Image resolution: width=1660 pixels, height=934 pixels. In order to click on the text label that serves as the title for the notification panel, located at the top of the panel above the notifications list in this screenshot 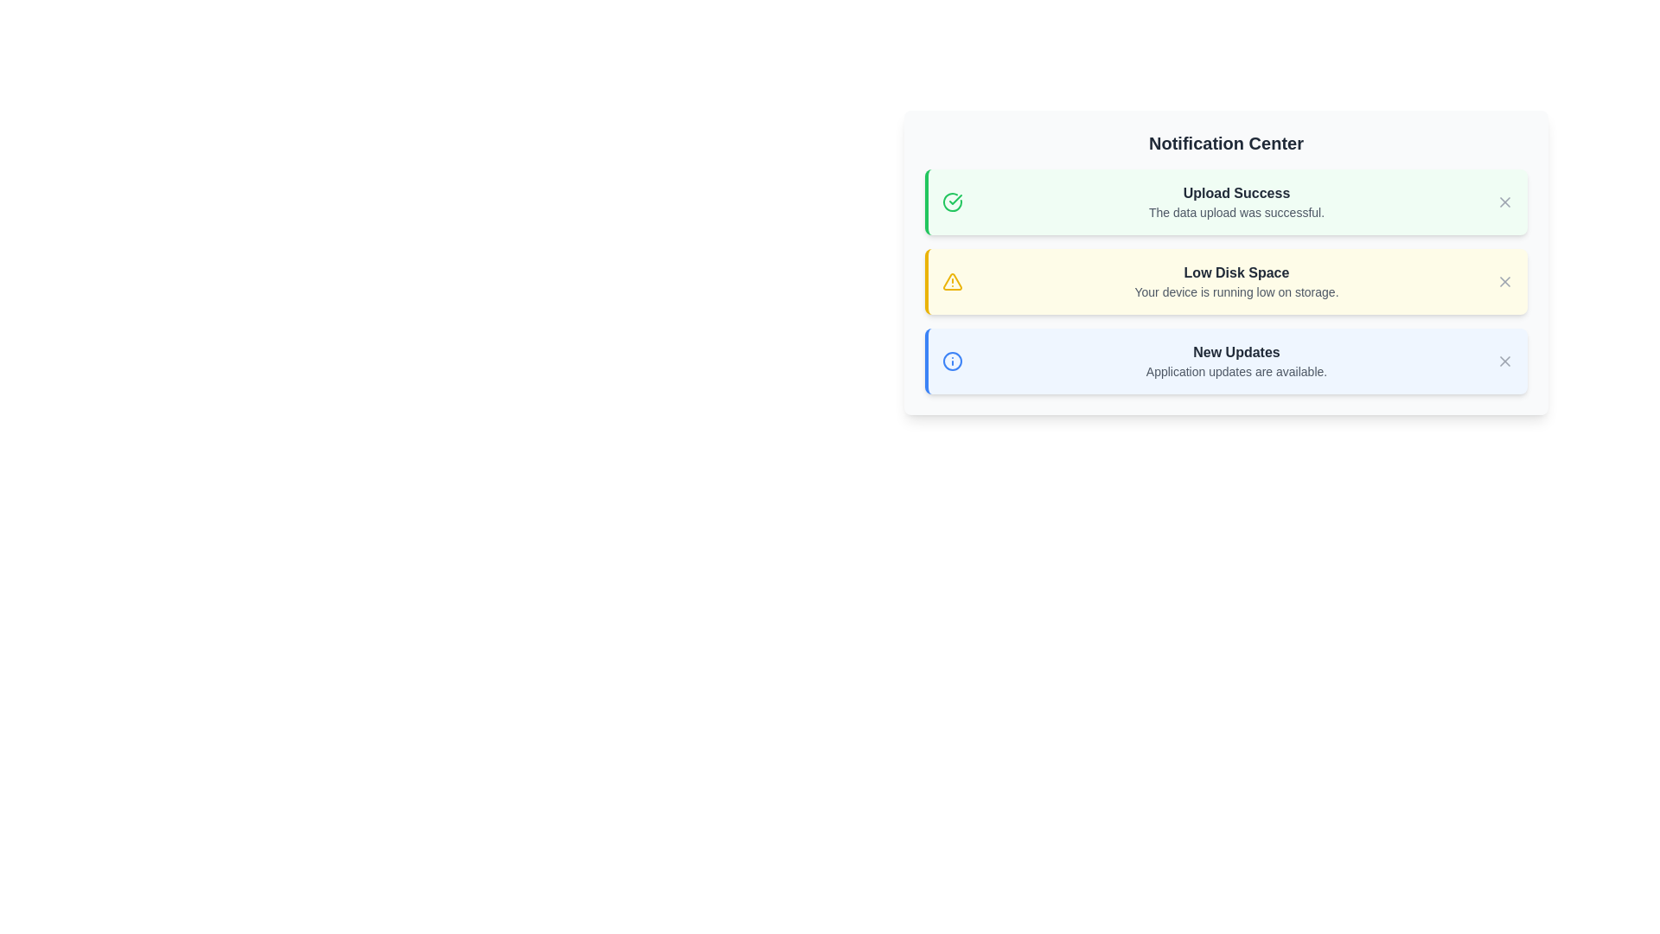, I will do `click(1225, 142)`.